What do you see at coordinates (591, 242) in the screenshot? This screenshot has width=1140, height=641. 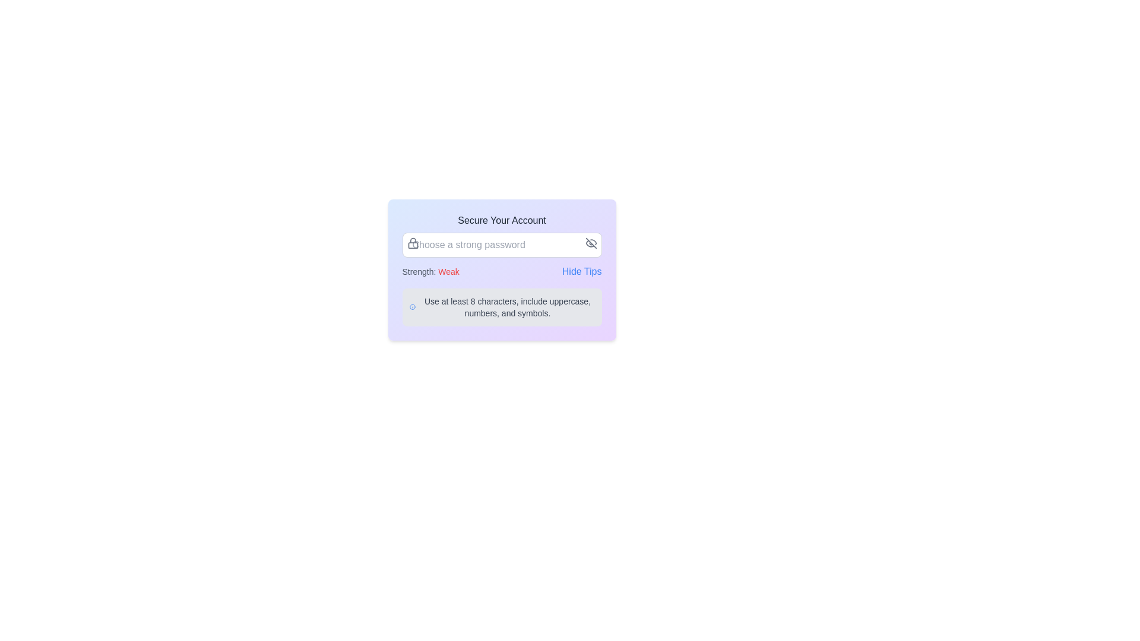 I see `the visibility toggle button located in the top-right corner of the password input box` at bounding box center [591, 242].